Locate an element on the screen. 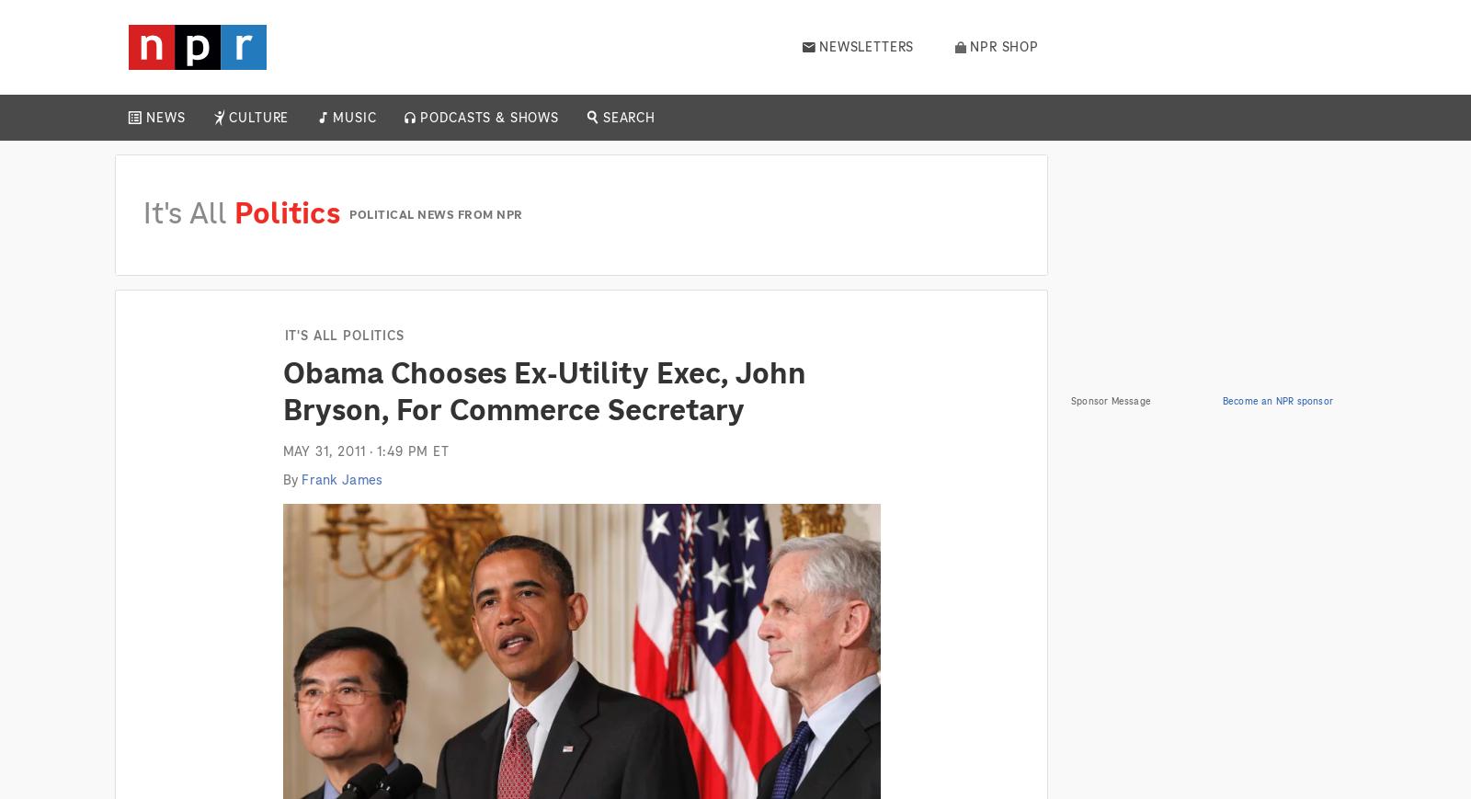  'Movies' is located at coordinates (382, 175).